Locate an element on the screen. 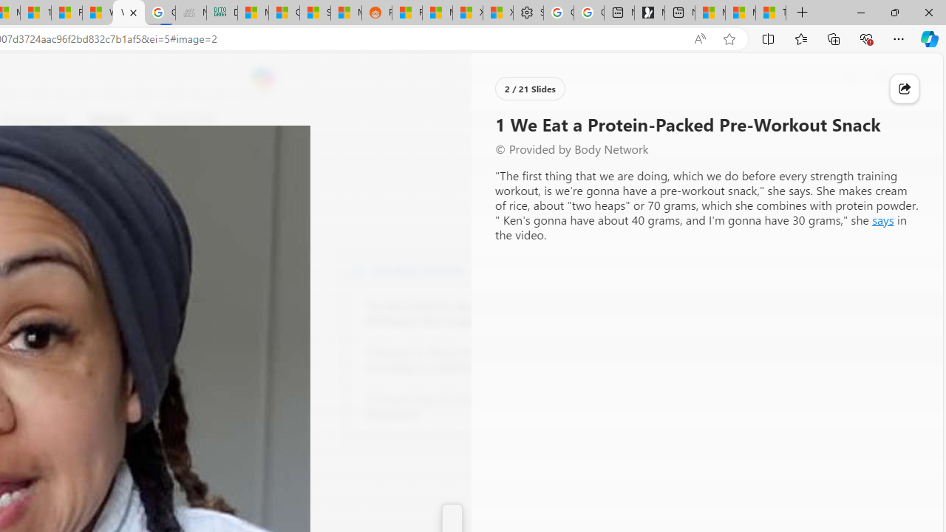 Image resolution: width=946 pixels, height=532 pixels. 'Class: at-item immersive' is located at coordinates (904, 89).